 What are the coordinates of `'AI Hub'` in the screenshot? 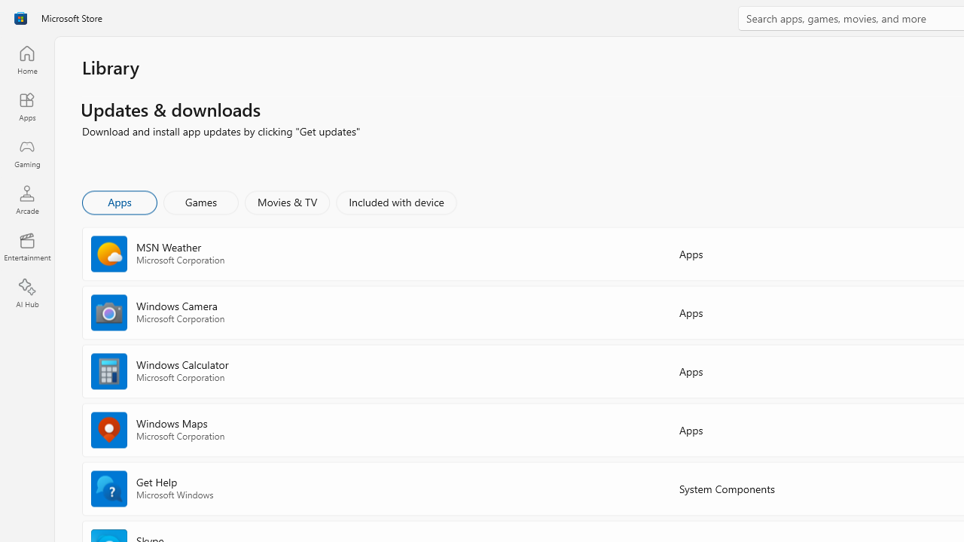 It's located at (26, 294).